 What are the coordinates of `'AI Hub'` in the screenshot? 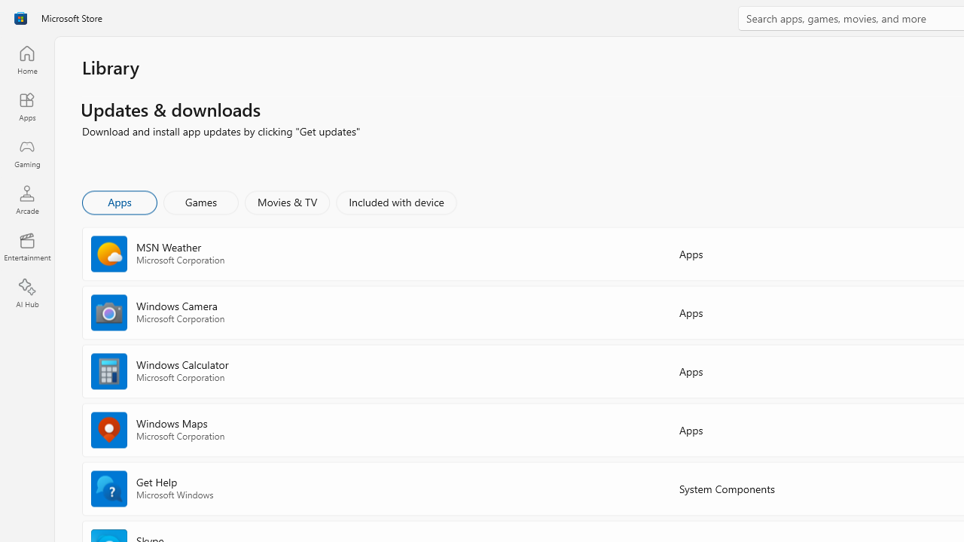 It's located at (26, 294).